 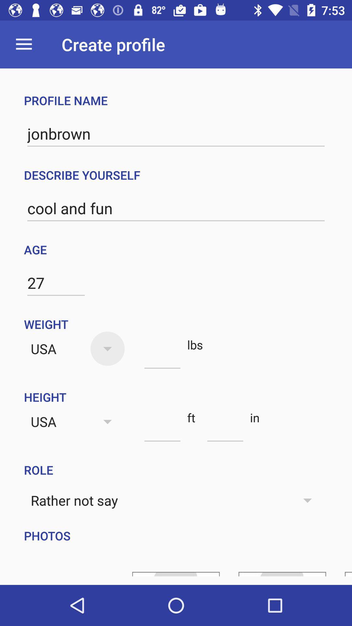 What do you see at coordinates (162, 430) in the screenshot?
I see `feet text` at bounding box center [162, 430].